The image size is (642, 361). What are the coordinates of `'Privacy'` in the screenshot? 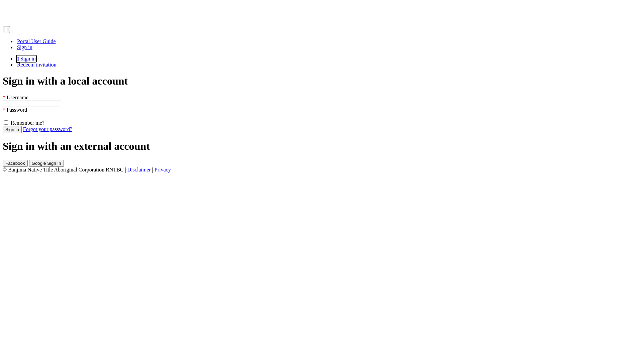 It's located at (163, 169).